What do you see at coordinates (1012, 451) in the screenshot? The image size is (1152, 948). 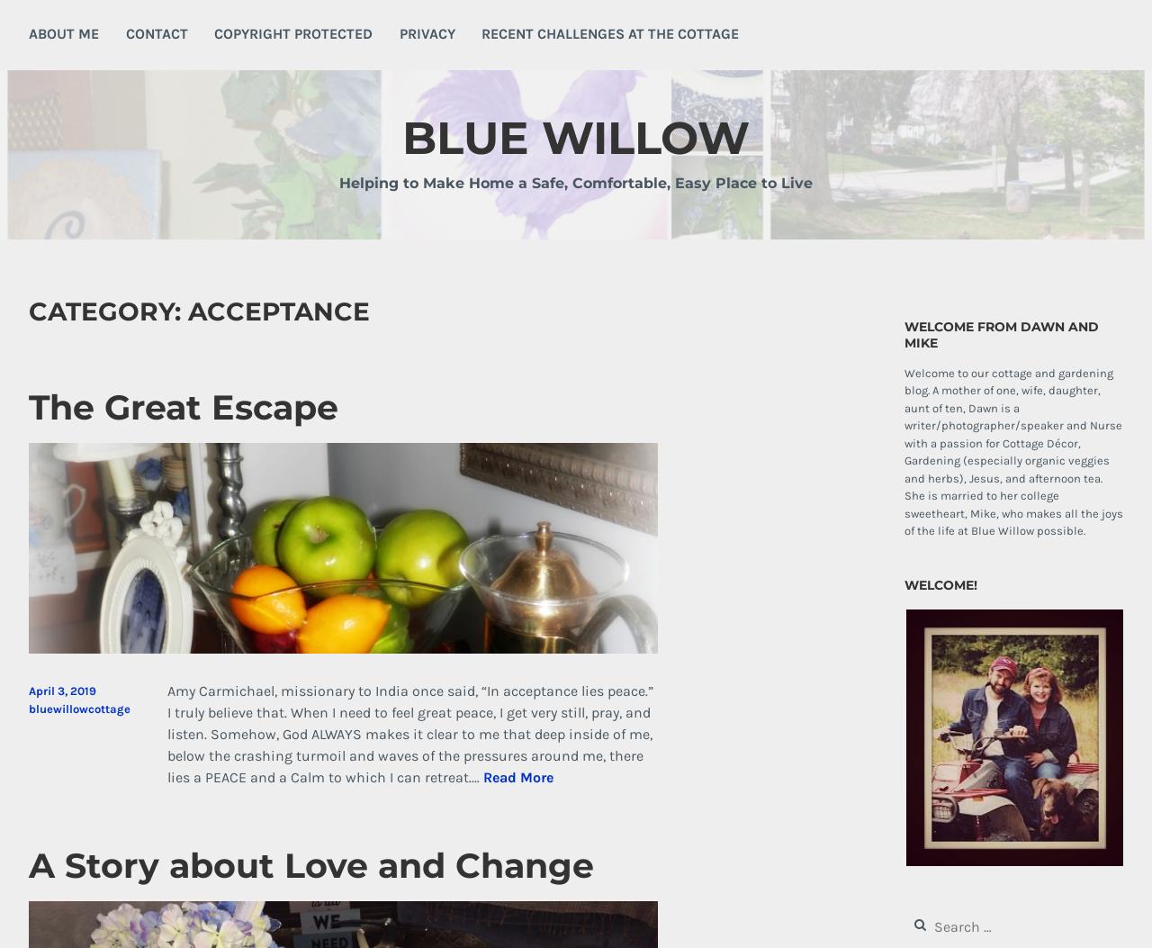 I see `'Welcome to our cottage and gardening blog. A mother of one, wife, daughter, aunt of ten, Dawn is a writer/photographer/speaker and Nurse with a passion for Cottage Décor, Gardening (especially organic veggies and herbs), Jesus, and afternoon tea.  She is married to her college sweetheart, Mike, who makes all the joys of the life at Blue Willow possible.'` at bounding box center [1012, 451].